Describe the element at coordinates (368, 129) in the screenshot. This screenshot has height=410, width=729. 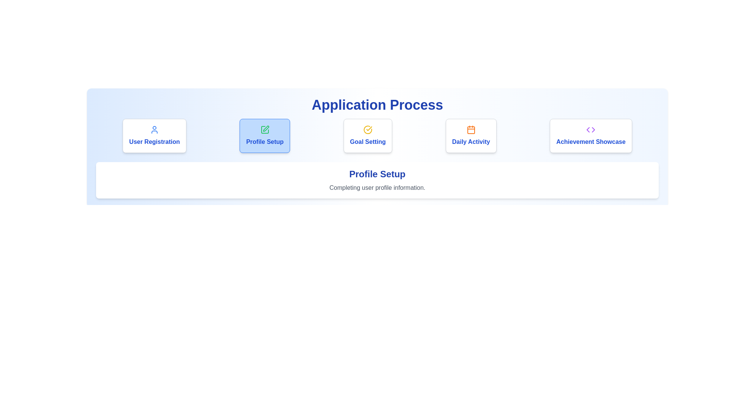
I see `the yellow checkmark icon within the circular outline, which is centrally located above the text label in the 'Goal Setting' card` at that location.